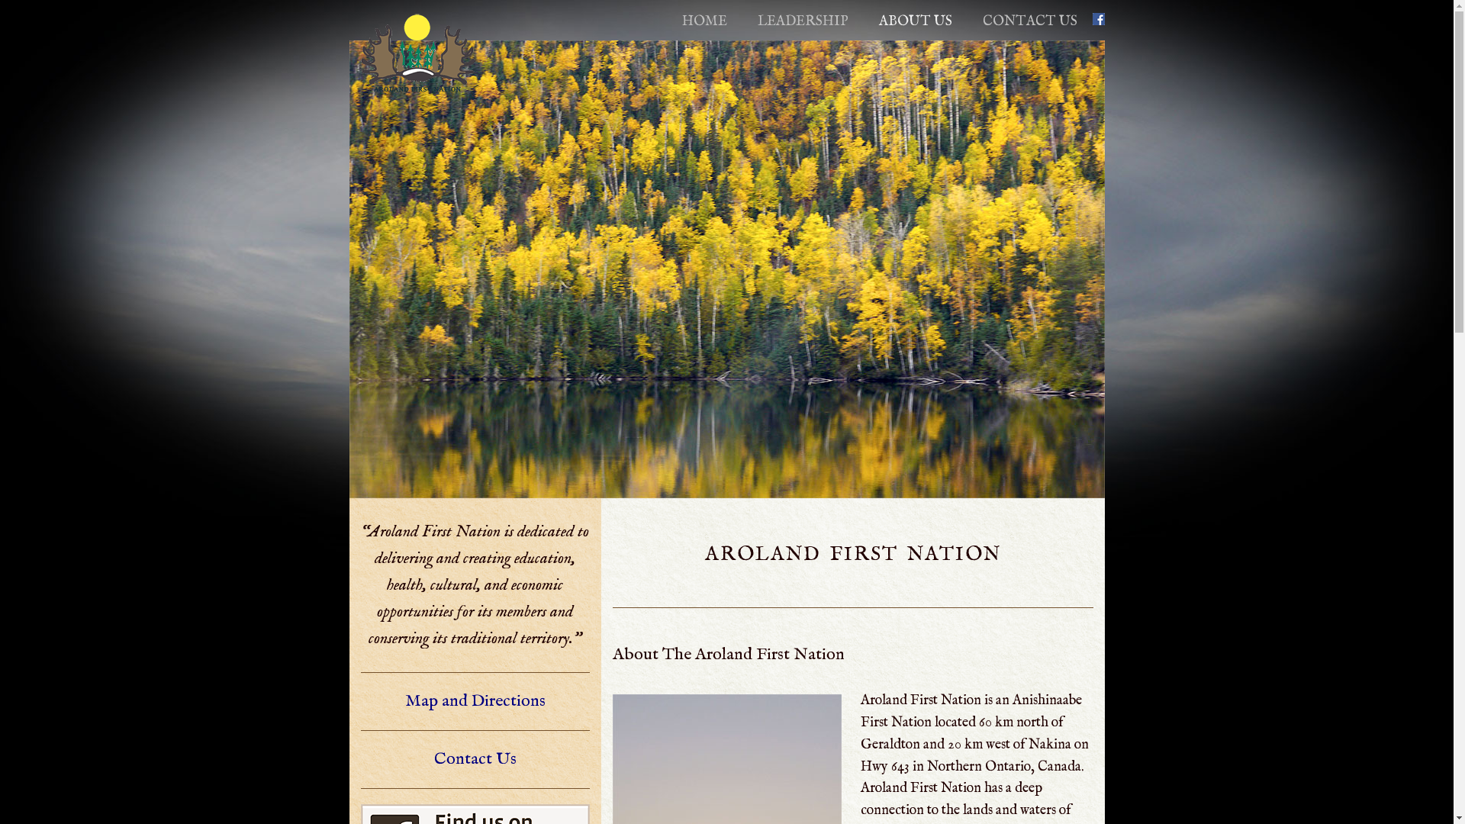 The width and height of the screenshot is (1465, 824). I want to click on 'CONTACT US', so click(1029, 21).